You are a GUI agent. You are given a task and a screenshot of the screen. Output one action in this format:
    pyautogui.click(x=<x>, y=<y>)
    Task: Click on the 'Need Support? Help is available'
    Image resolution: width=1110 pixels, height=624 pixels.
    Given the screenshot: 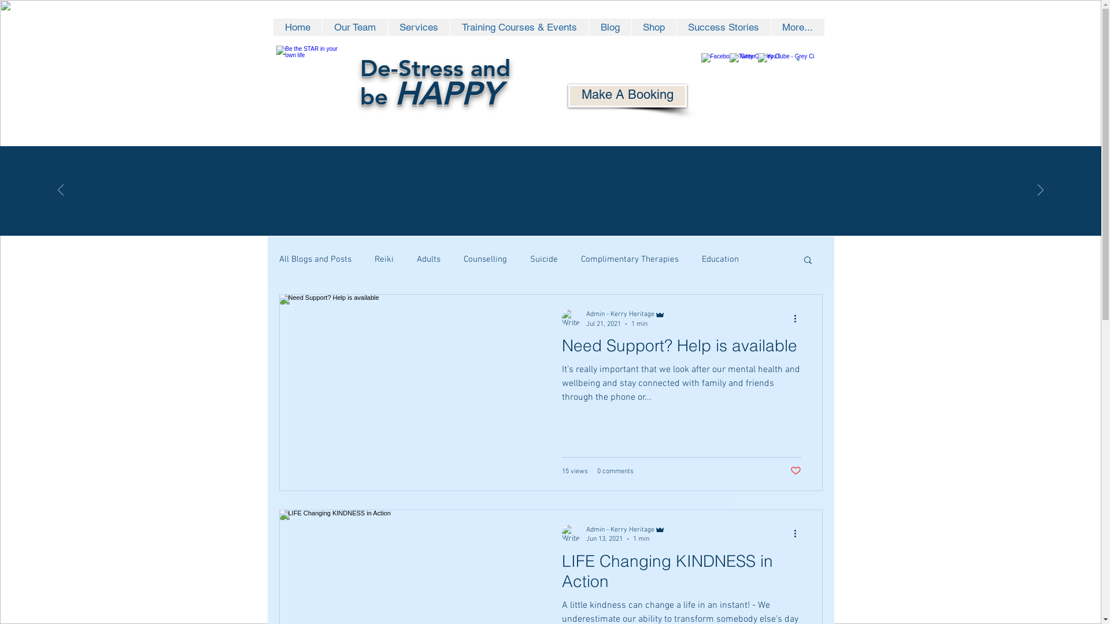 What is the action you would take?
    pyautogui.click(x=682, y=348)
    